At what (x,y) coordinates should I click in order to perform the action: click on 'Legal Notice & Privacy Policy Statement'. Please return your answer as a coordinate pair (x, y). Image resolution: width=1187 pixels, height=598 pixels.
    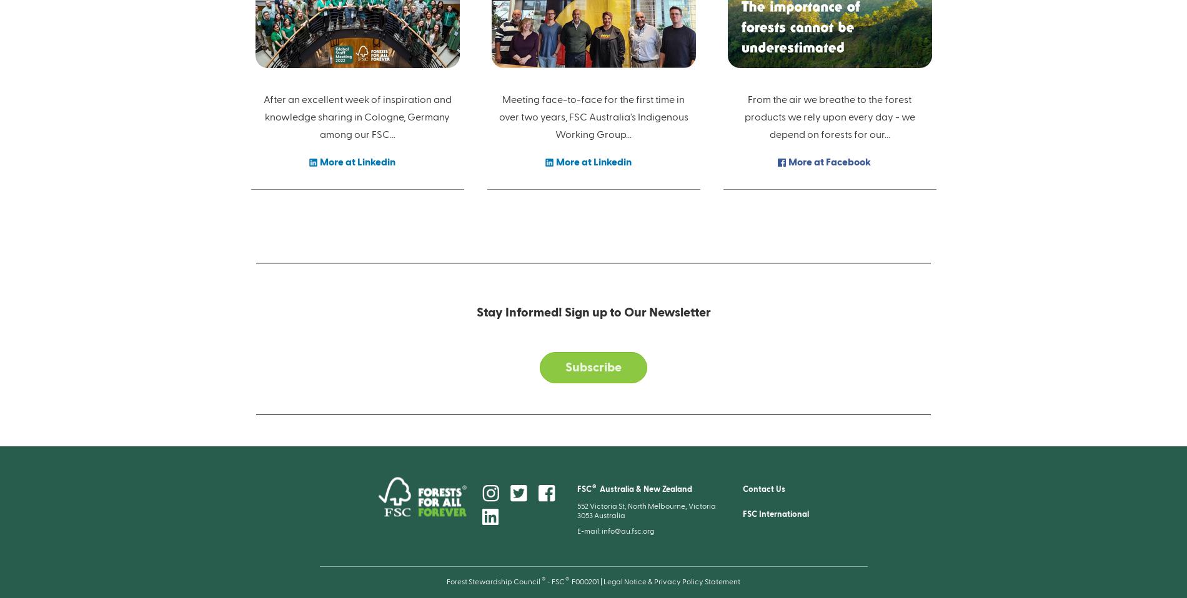
    Looking at the image, I should click on (671, 581).